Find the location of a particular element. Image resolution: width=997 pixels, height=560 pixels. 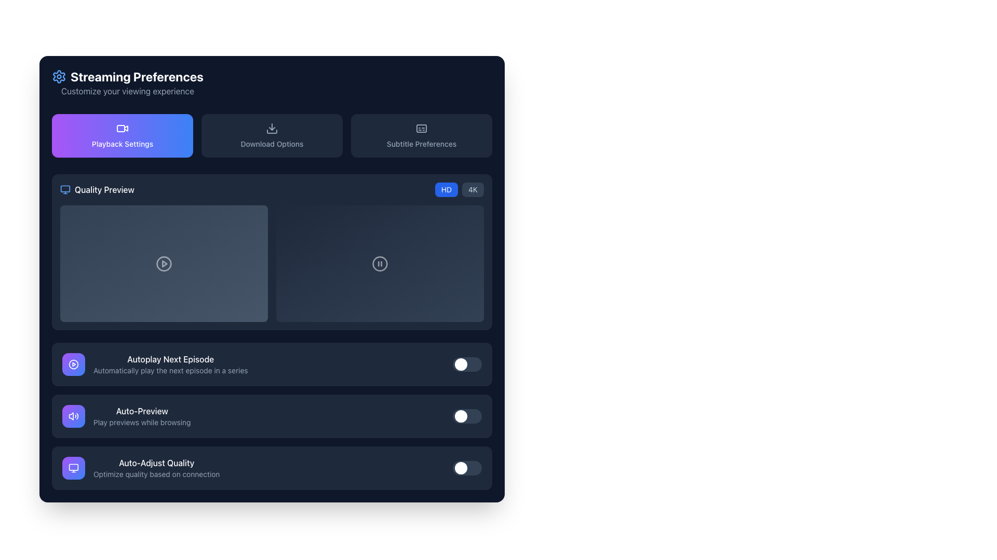

the 'Download Options' button, which is a rectangular button with rounded corners, dark slate blue color, featuring a download icon and the text 'Download Options' in light slate color is located at coordinates (272, 135).